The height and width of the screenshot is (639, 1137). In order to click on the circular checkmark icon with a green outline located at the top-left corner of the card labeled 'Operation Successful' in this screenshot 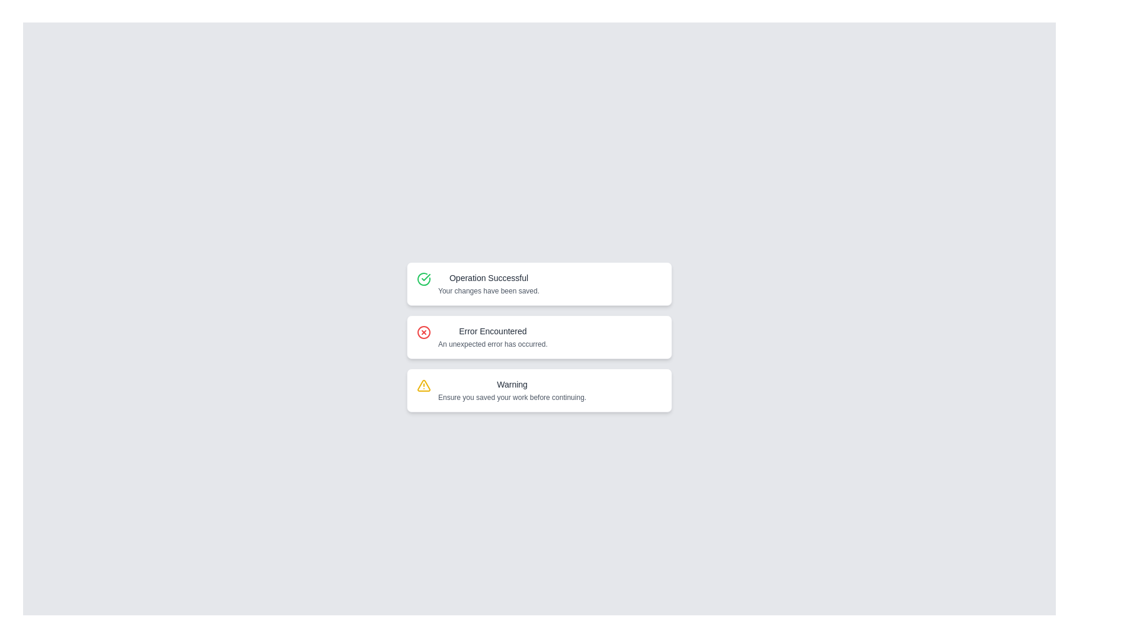, I will do `click(423, 279)`.